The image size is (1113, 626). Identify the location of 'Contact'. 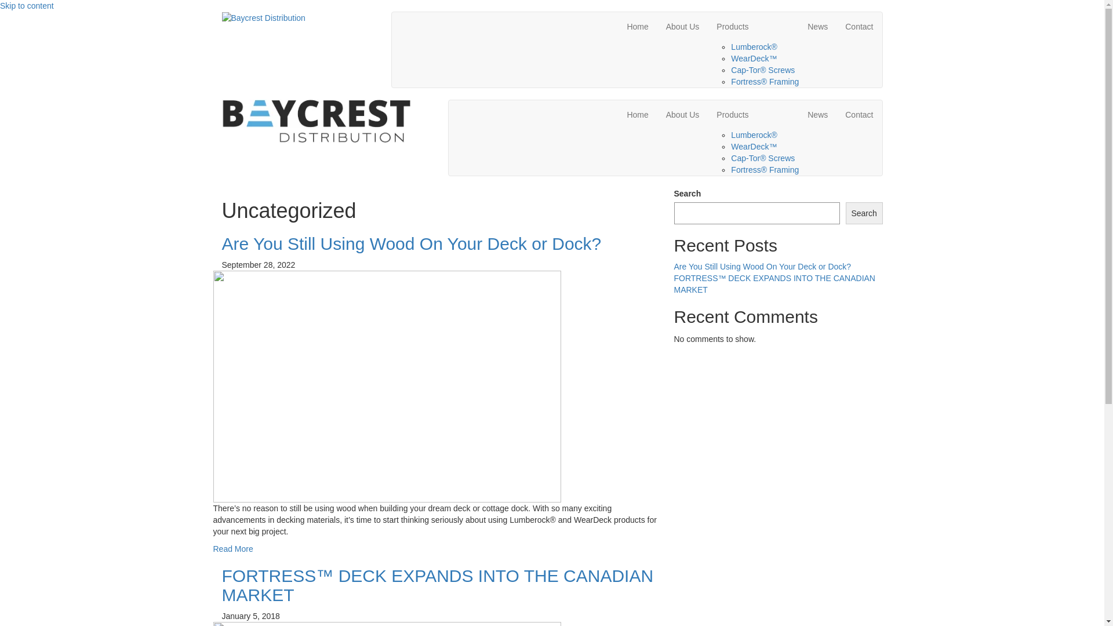
(859, 26).